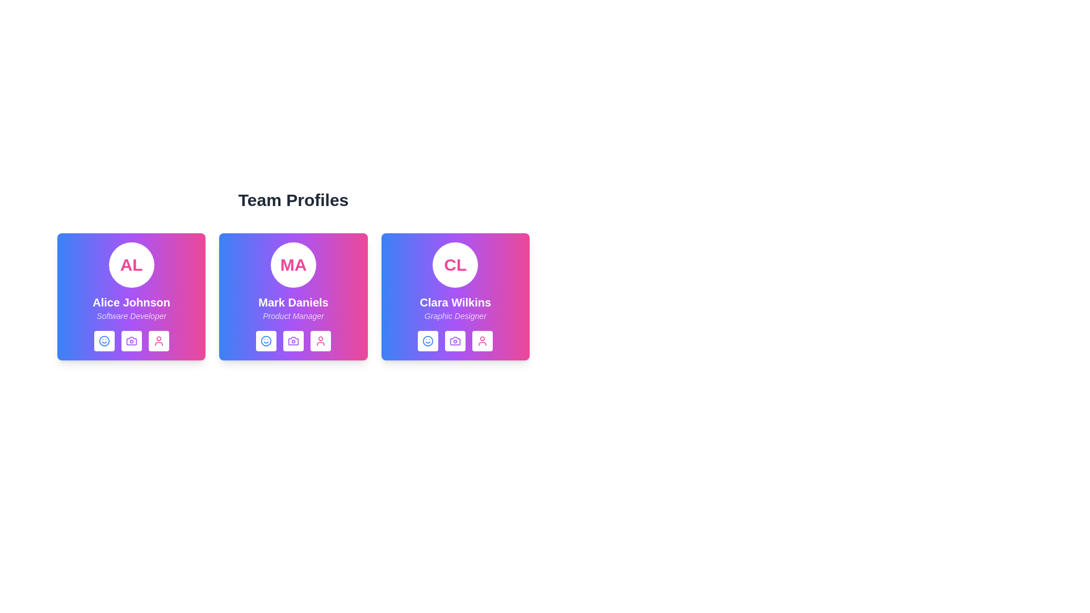  What do you see at coordinates (483, 341) in the screenshot?
I see `the pink user icon button located in the bottom-right corner of the third profile card` at bounding box center [483, 341].